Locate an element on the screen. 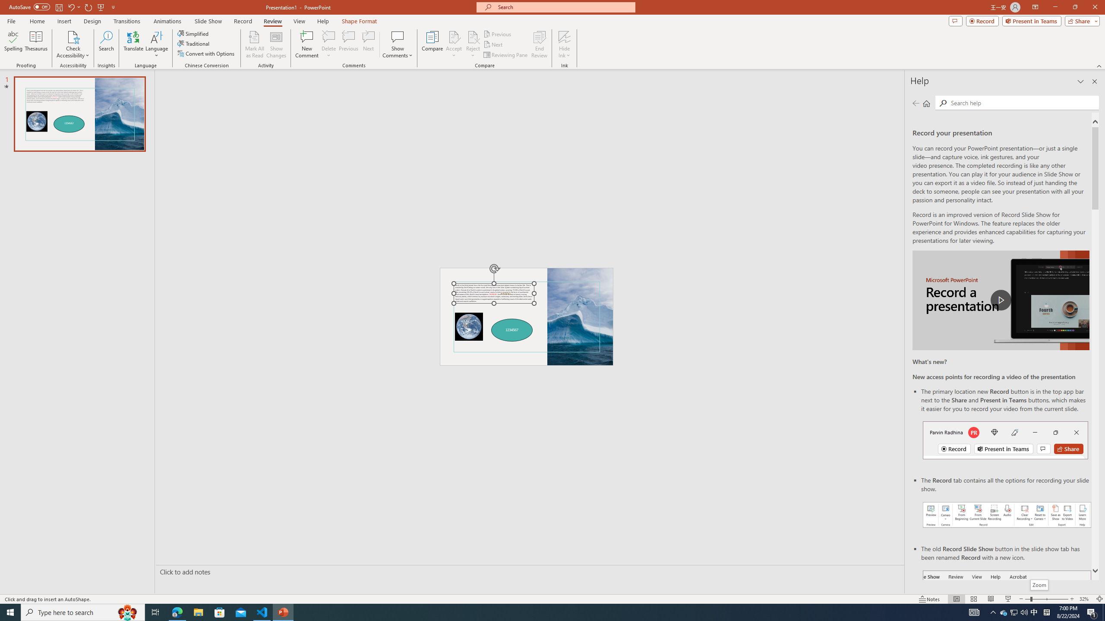 This screenshot has height=621, width=1105. 'Traditional' is located at coordinates (193, 43).